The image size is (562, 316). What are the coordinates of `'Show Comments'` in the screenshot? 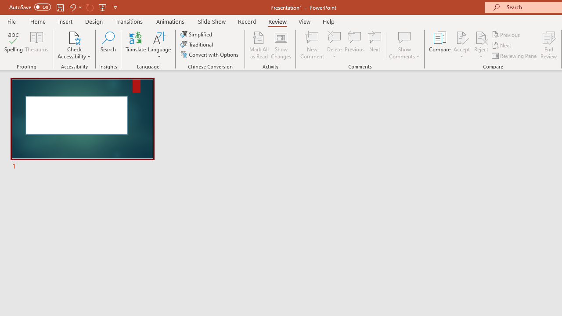 It's located at (404, 45).